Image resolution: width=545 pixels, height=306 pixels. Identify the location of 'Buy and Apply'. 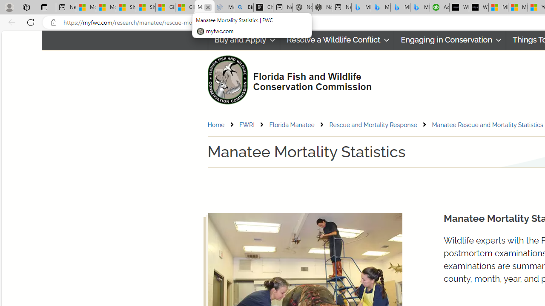
(243, 40).